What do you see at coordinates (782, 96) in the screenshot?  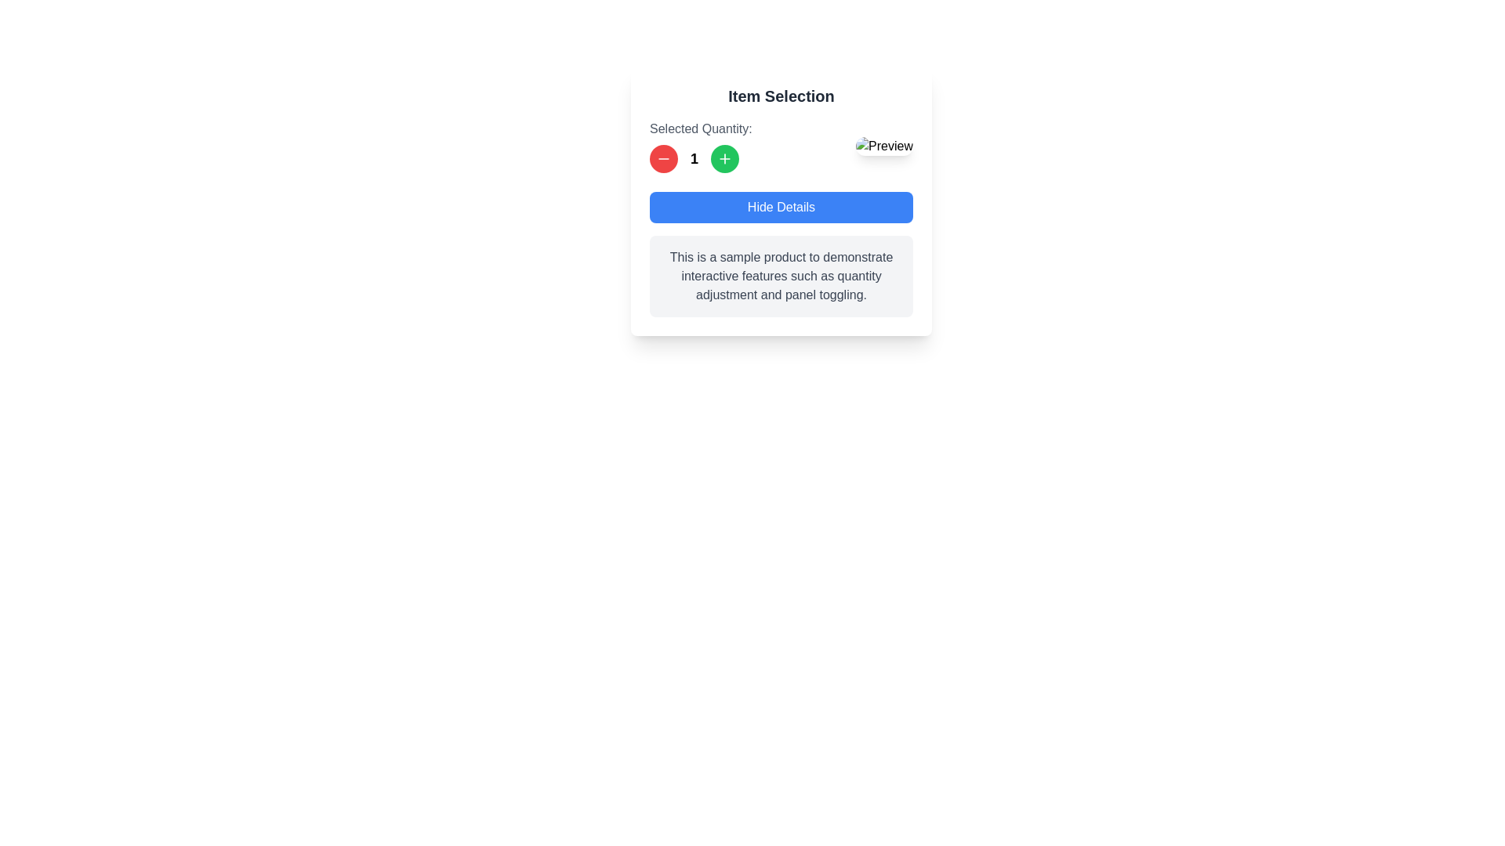 I see `the Text label that serves as the title for the card indicating its purpose or main content (Item Selection). It is located at the top of a white box with rounded corners and a shadow effect, above other elements like the selected quantity row and interaction buttons` at bounding box center [782, 96].